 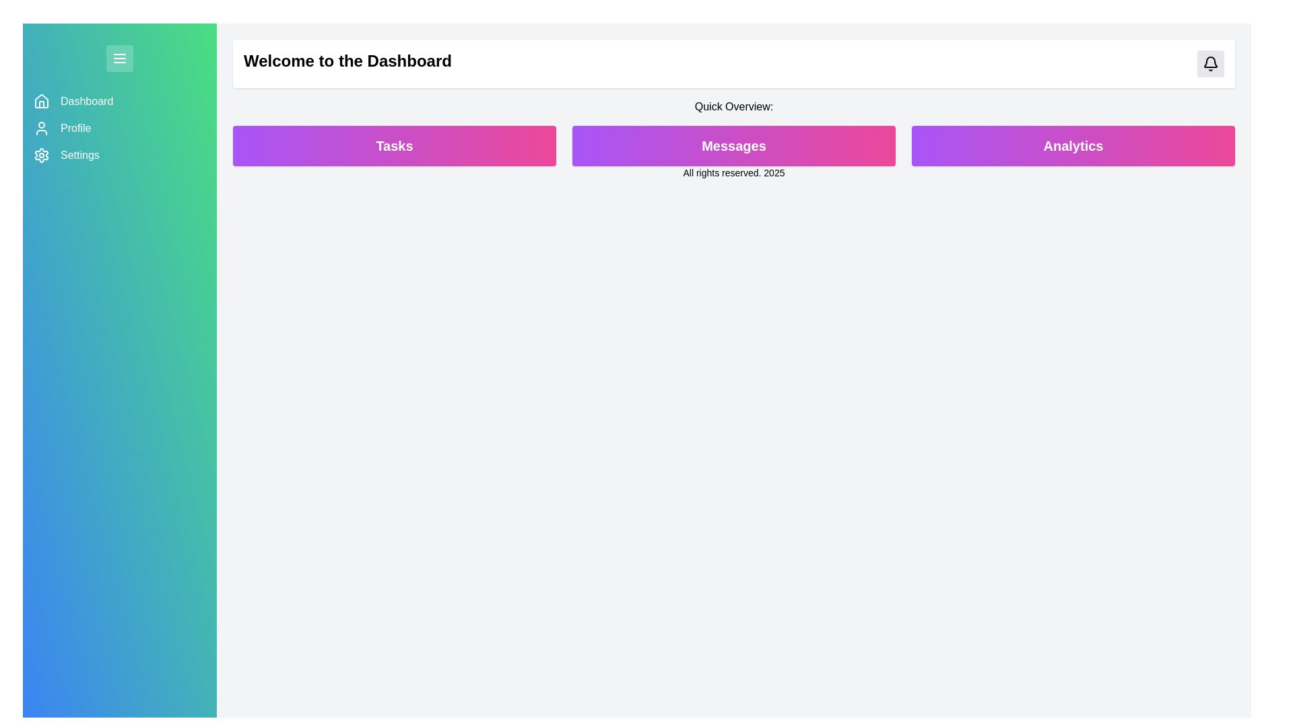 What do you see at coordinates (119, 100) in the screenshot?
I see `the 'Dashboard' button located at the top of the sidebar menu` at bounding box center [119, 100].